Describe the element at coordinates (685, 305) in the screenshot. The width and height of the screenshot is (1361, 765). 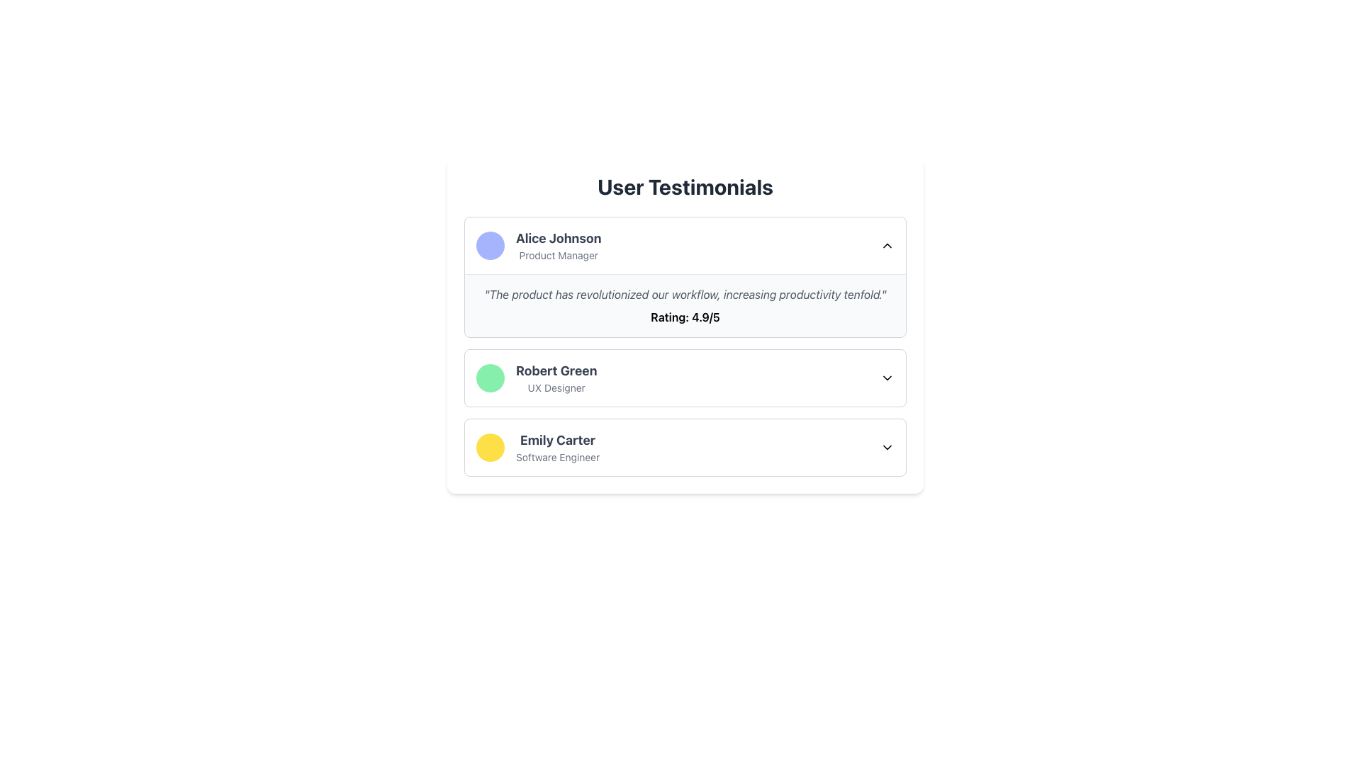
I see `testimonial text block for 'Alice Johnson', which contains a quote in italicized text and a bold rating, located in the center of the testimonial card` at that location.